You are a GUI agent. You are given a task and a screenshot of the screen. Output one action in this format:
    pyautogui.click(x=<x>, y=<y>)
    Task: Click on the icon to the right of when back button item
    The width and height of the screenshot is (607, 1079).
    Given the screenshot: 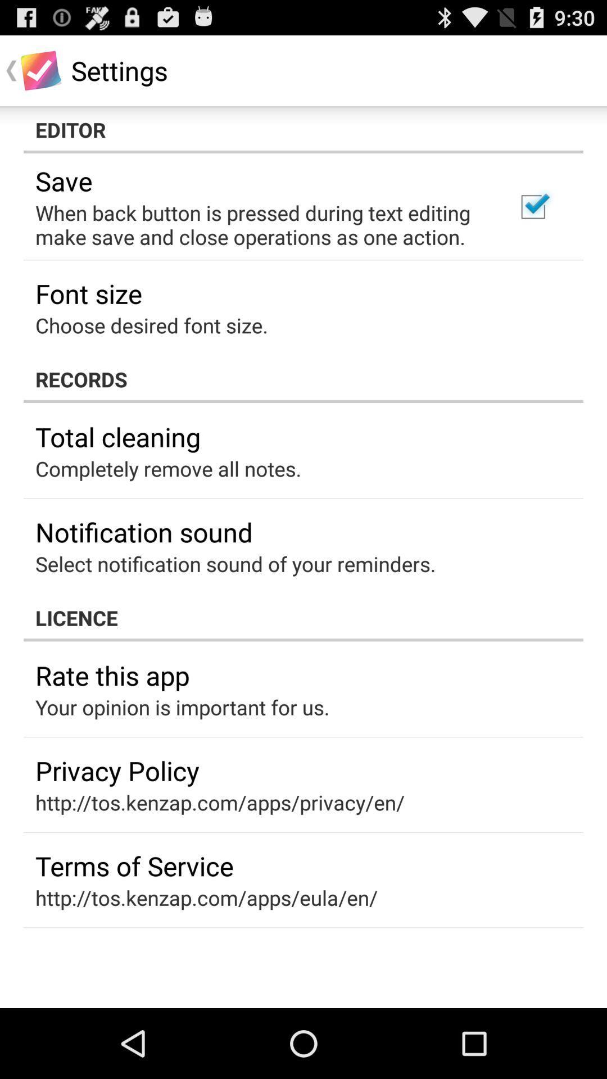 What is the action you would take?
    pyautogui.click(x=532, y=207)
    